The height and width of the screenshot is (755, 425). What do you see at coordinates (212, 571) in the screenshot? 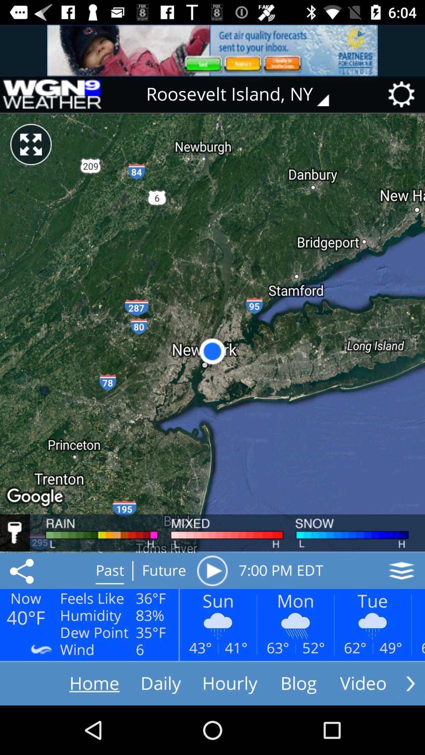
I see `the item to the left of 7 00 pm icon` at bounding box center [212, 571].